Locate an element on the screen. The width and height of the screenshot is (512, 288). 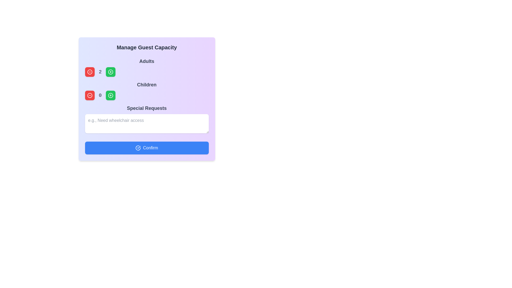
the red circular button with a minus symbol inside, located on the left side of the 'Children' label row is located at coordinates (90, 95).